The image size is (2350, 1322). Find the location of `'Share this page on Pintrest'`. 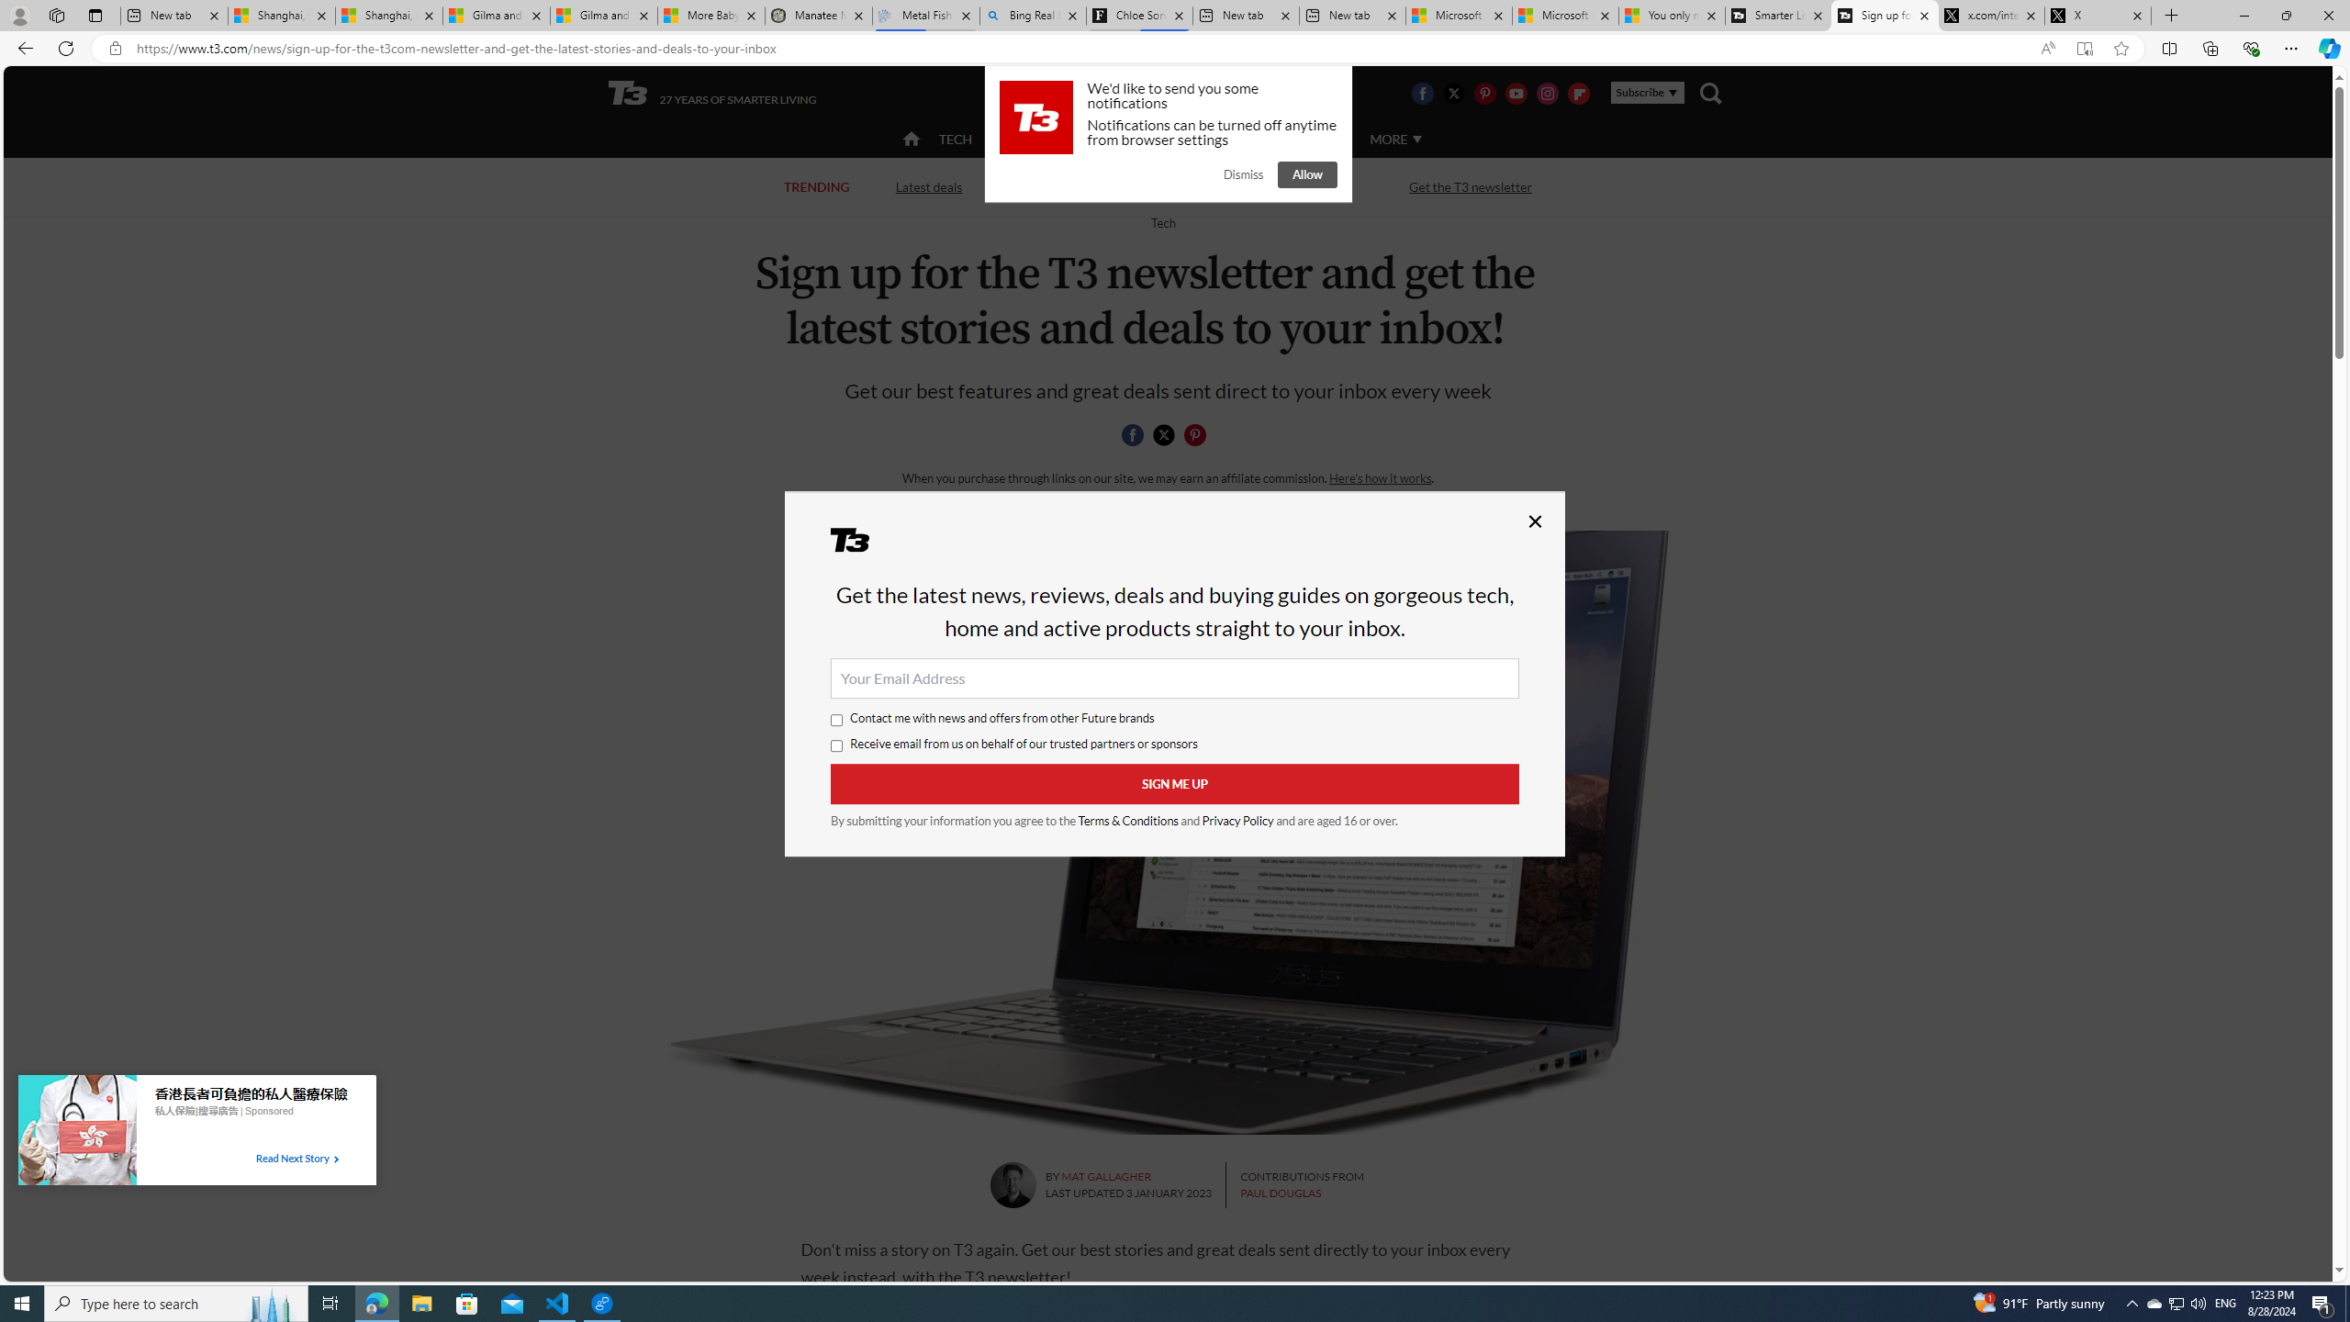

'Share this page on Pintrest' is located at coordinates (1193, 435).